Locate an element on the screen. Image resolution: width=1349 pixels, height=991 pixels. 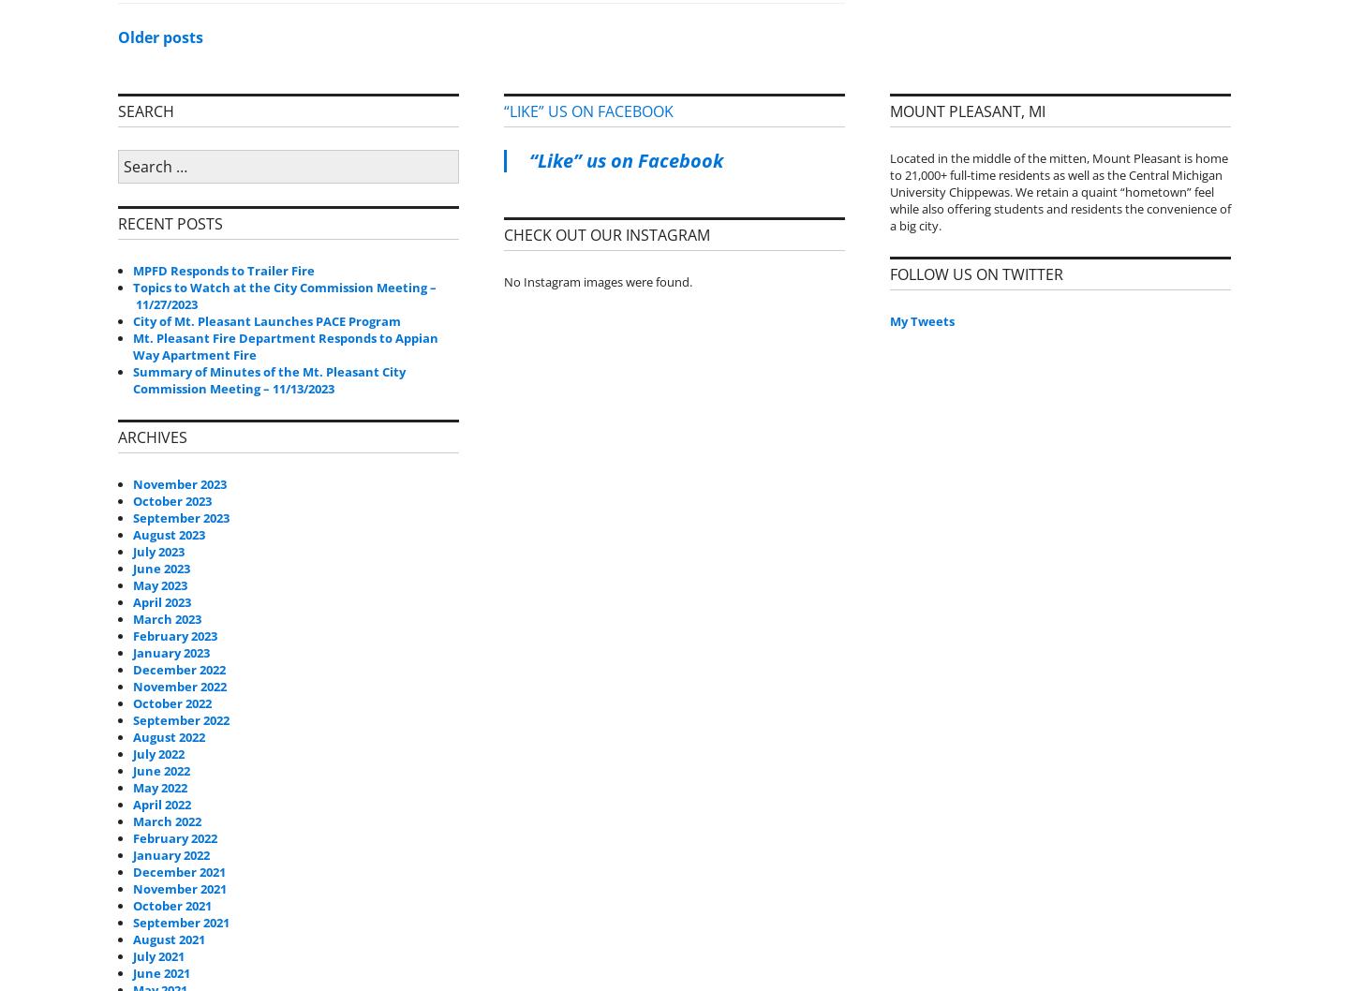
'February 2023' is located at coordinates (175, 633).